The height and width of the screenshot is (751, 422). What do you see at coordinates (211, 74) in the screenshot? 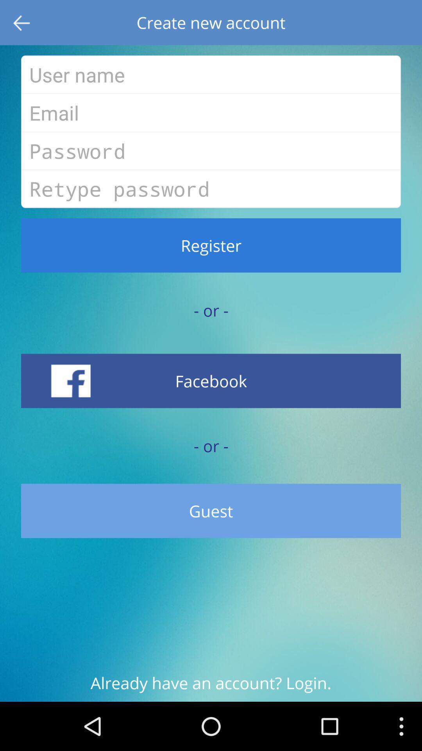
I see `username` at bounding box center [211, 74].